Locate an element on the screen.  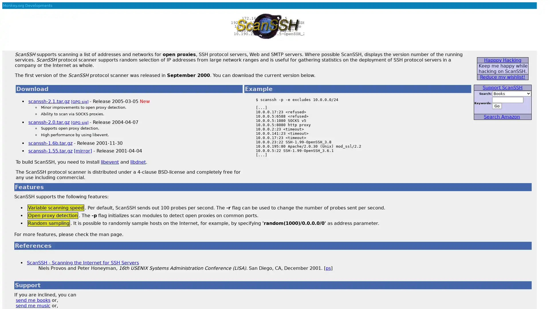
Go is located at coordinates (496, 106).